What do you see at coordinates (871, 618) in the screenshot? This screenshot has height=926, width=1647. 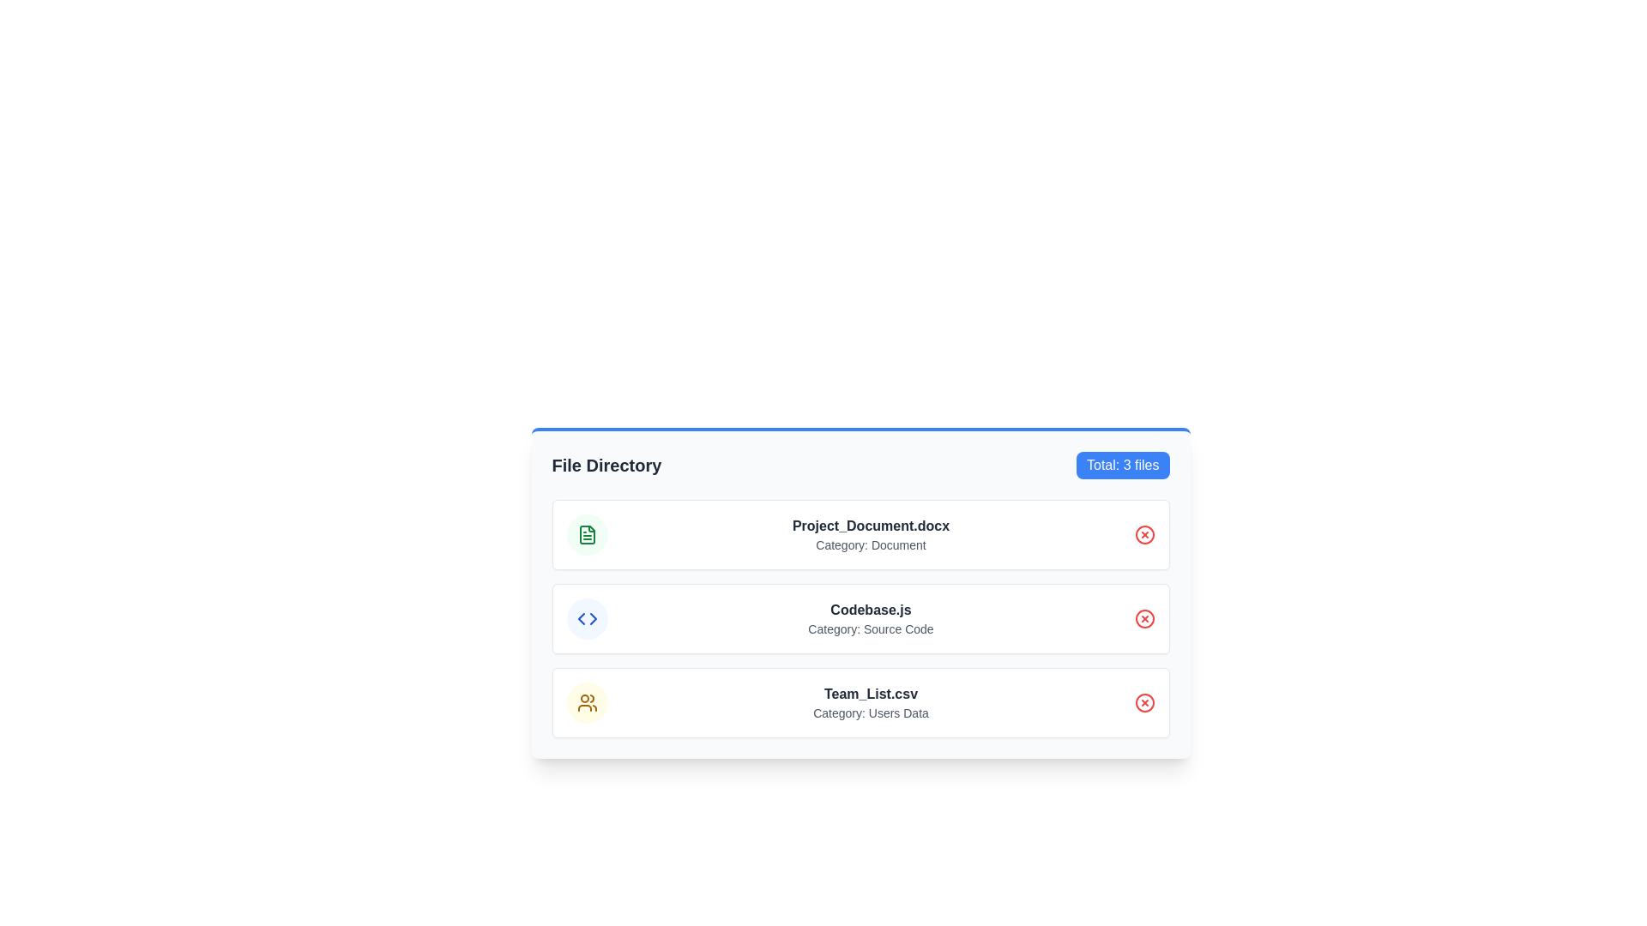 I see `the text display component representing the file 'Codebase.js' which is the second item in the vertical list of files in the file directory interface` at bounding box center [871, 618].